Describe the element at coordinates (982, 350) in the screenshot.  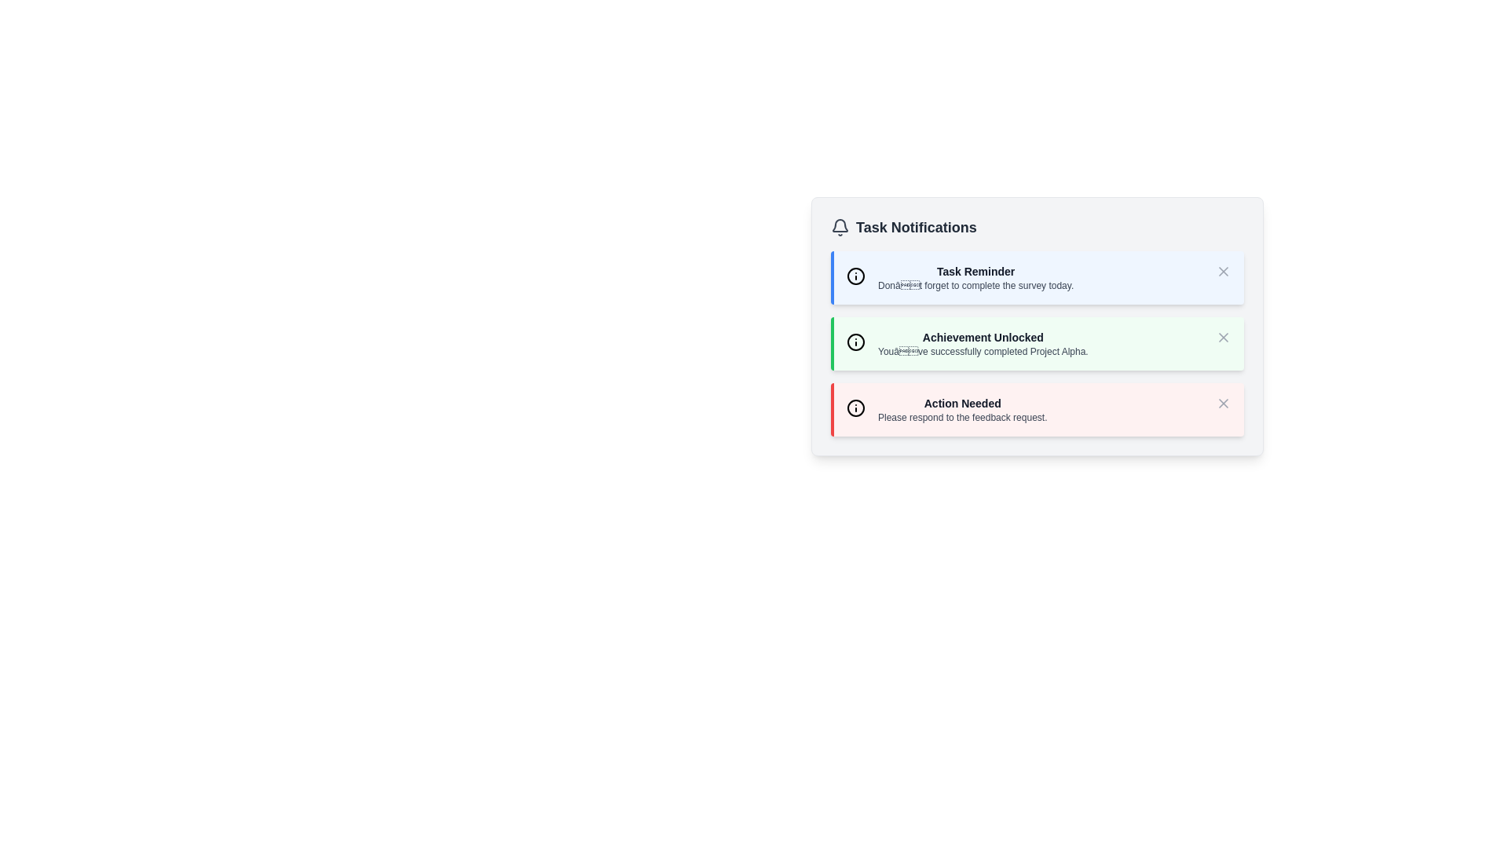
I see `the text element that reads 'You’ve successfully completed Project Alpha', which is located below the 'Achievement Unlocked' title in a green-highlighted notification box` at that location.